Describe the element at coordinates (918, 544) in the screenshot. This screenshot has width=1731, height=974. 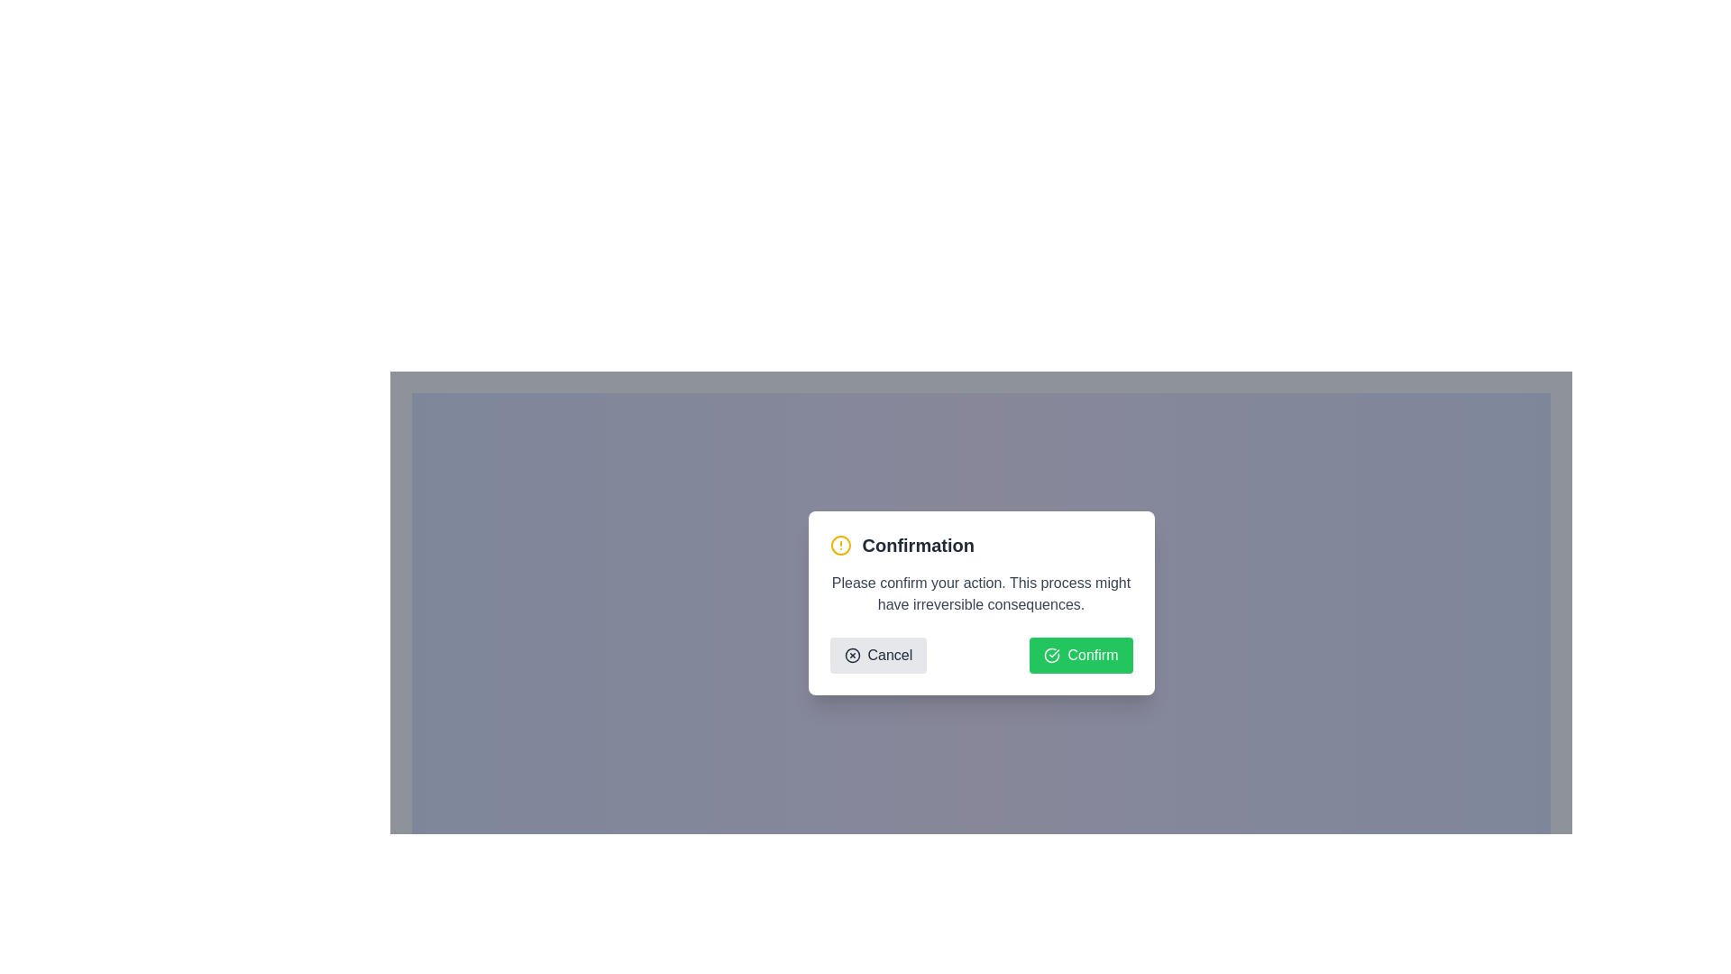
I see `the 'Confirmation' heading text, which is located within a modal at the top of the dialog, next to a yellow warning icon` at that location.